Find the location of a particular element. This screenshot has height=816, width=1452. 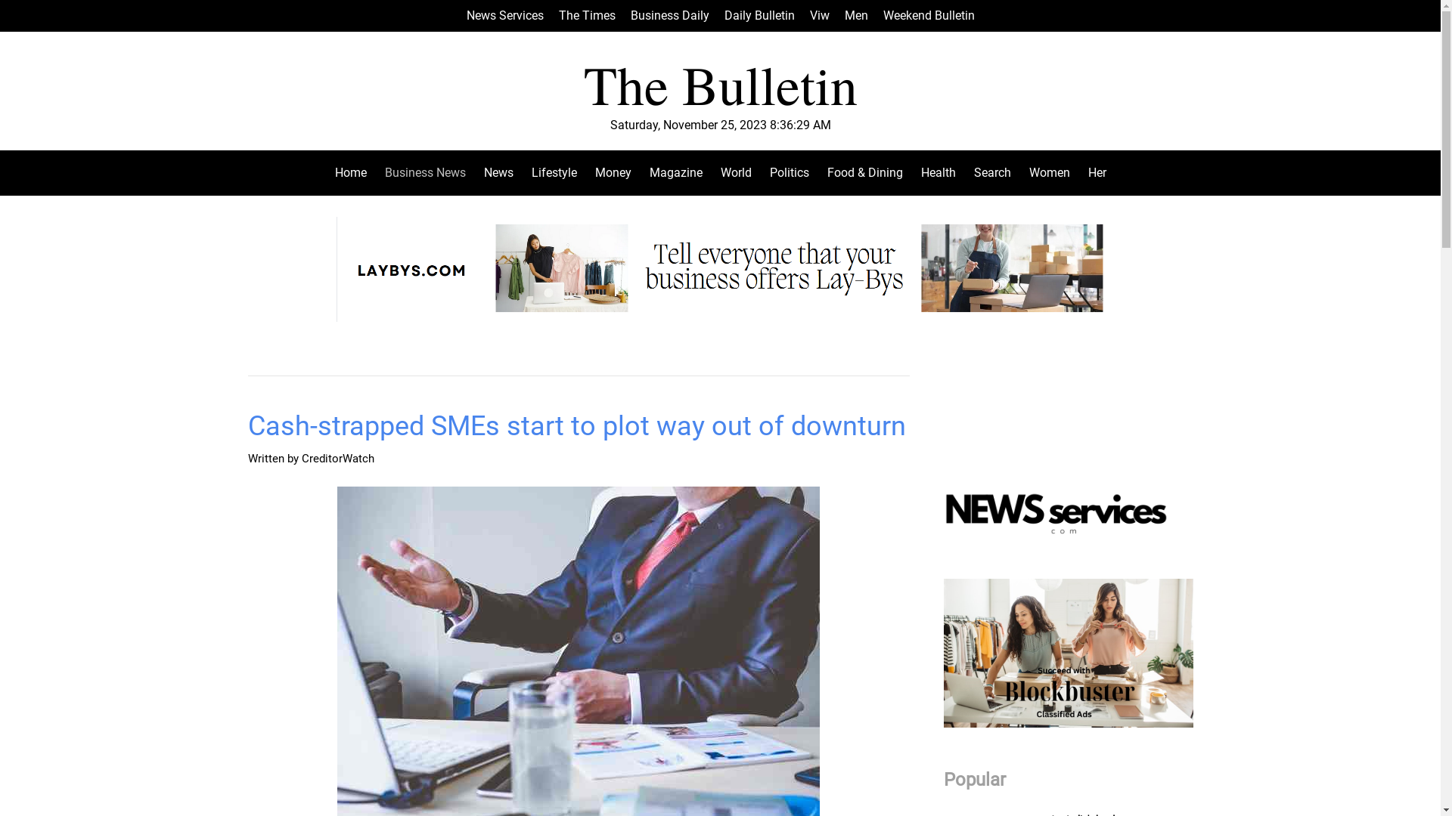

'News Services' is located at coordinates (504, 15).